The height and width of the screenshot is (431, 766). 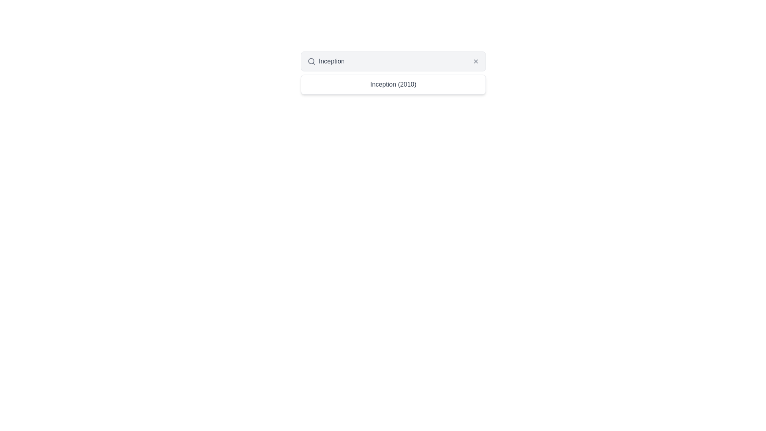 I want to click on the 'X' icon located on the far right of the search bar to clear the input field containing 'Inception', so click(x=476, y=61).